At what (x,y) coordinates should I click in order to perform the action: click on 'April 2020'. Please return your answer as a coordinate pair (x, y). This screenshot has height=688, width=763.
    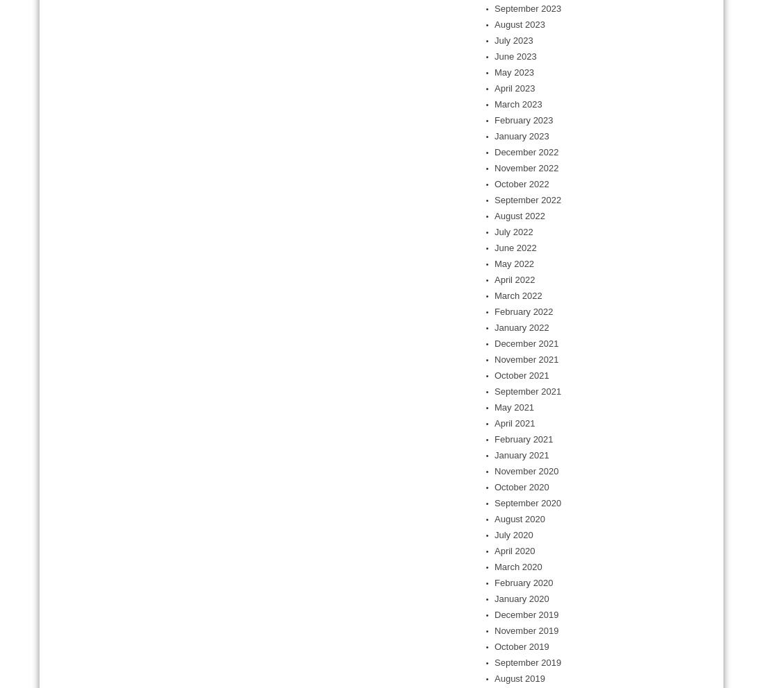
    Looking at the image, I should click on (513, 551).